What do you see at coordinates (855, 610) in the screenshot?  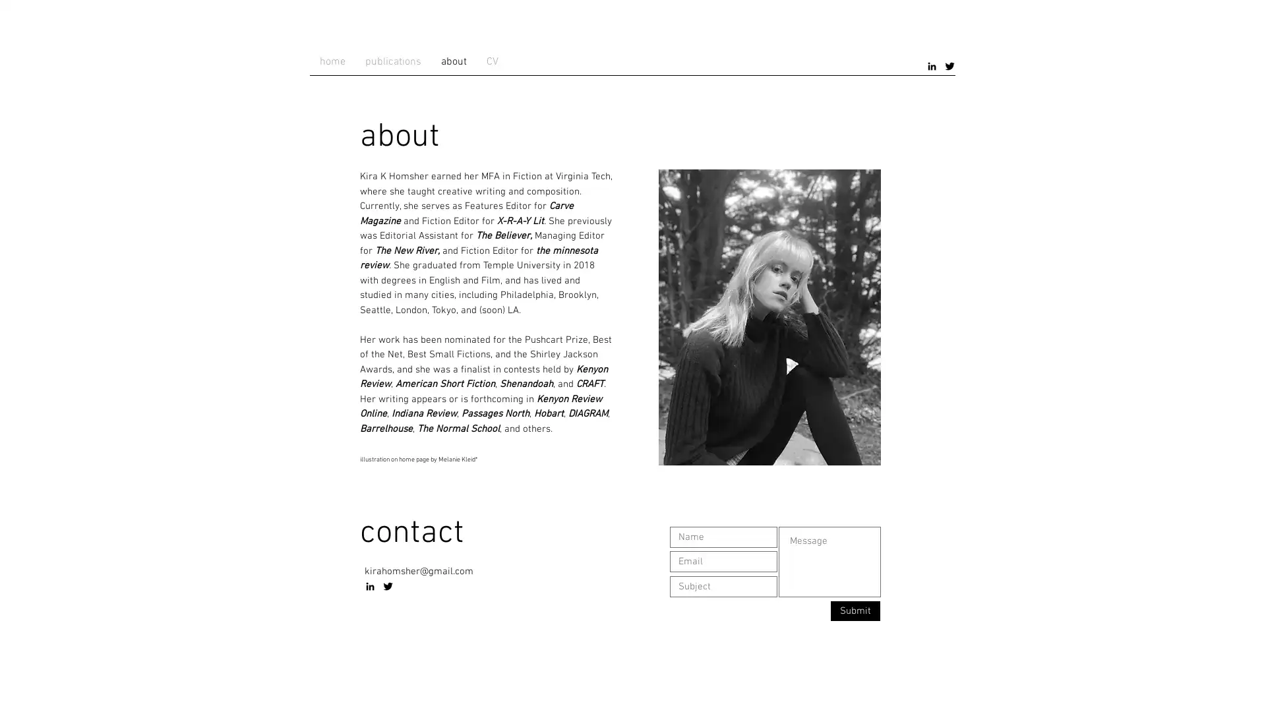 I see `Submit` at bounding box center [855, 610].